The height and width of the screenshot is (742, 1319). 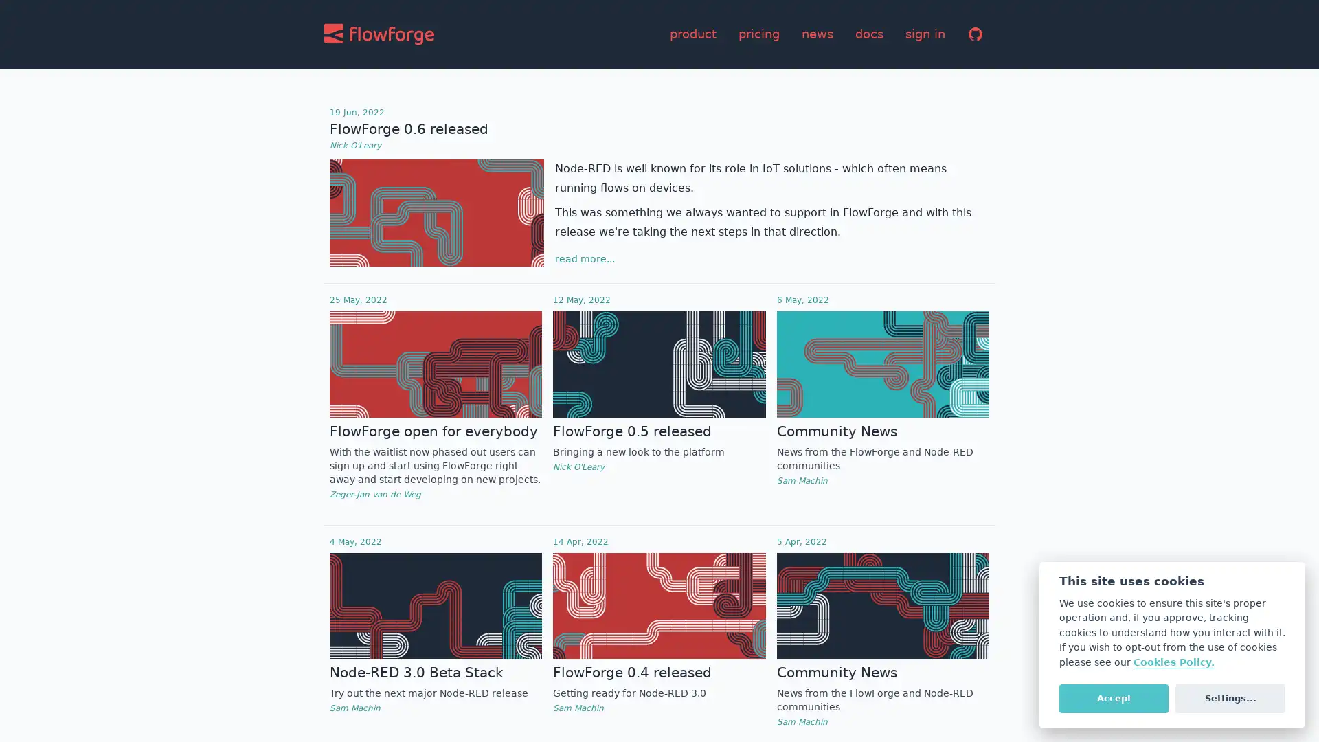 What do you see at coordinates (1230, 697) in the screenshot?
I see `Settings...` at bounding box center [1230, 697].